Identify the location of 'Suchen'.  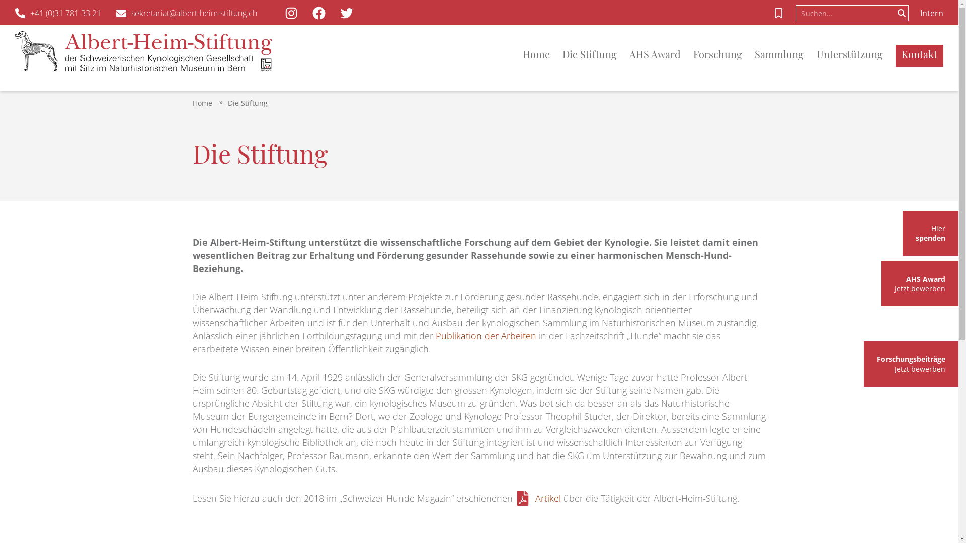
(901, 13).